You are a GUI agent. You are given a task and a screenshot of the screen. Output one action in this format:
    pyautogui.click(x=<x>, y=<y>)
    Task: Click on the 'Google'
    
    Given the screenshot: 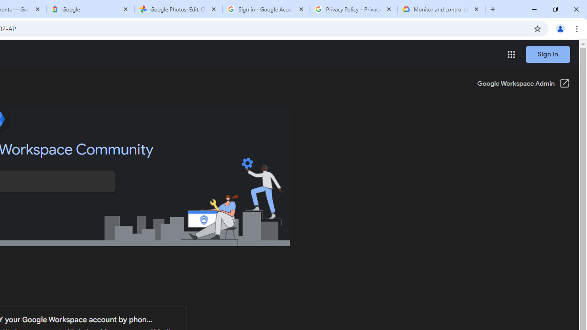 What is the action you would take?
    pyautogui.click(x=90, y=9)
    